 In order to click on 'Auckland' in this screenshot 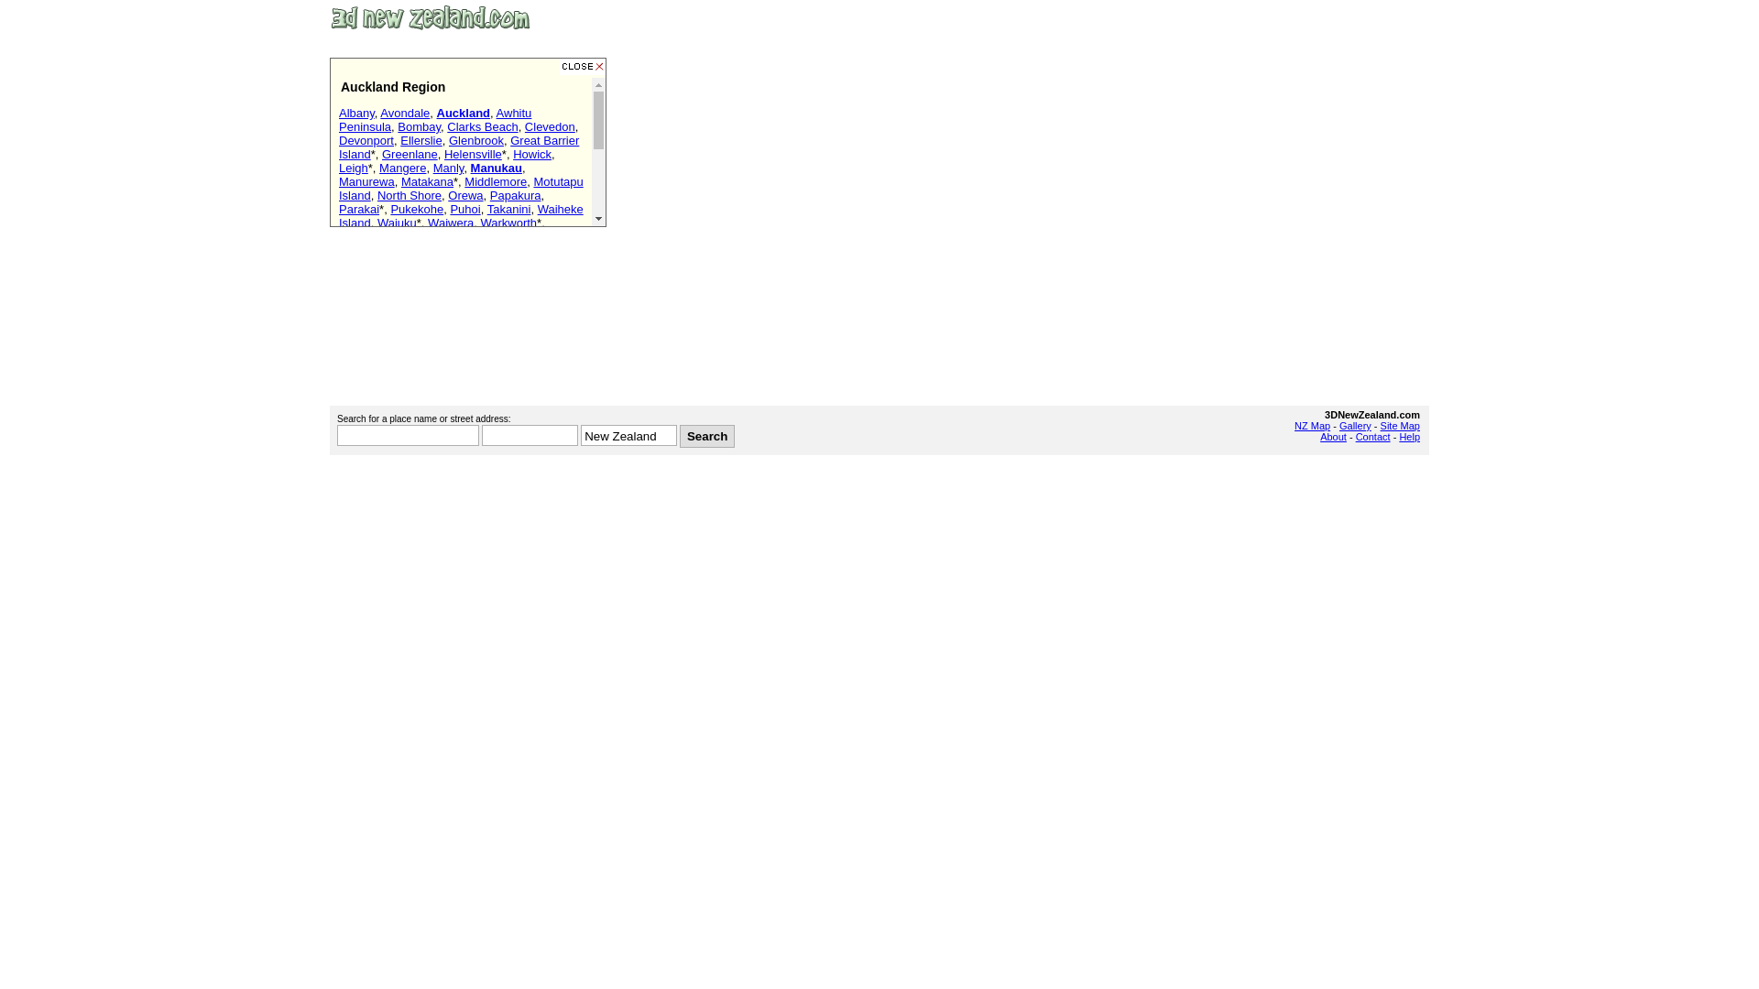, I will do `click(464, 113)`.